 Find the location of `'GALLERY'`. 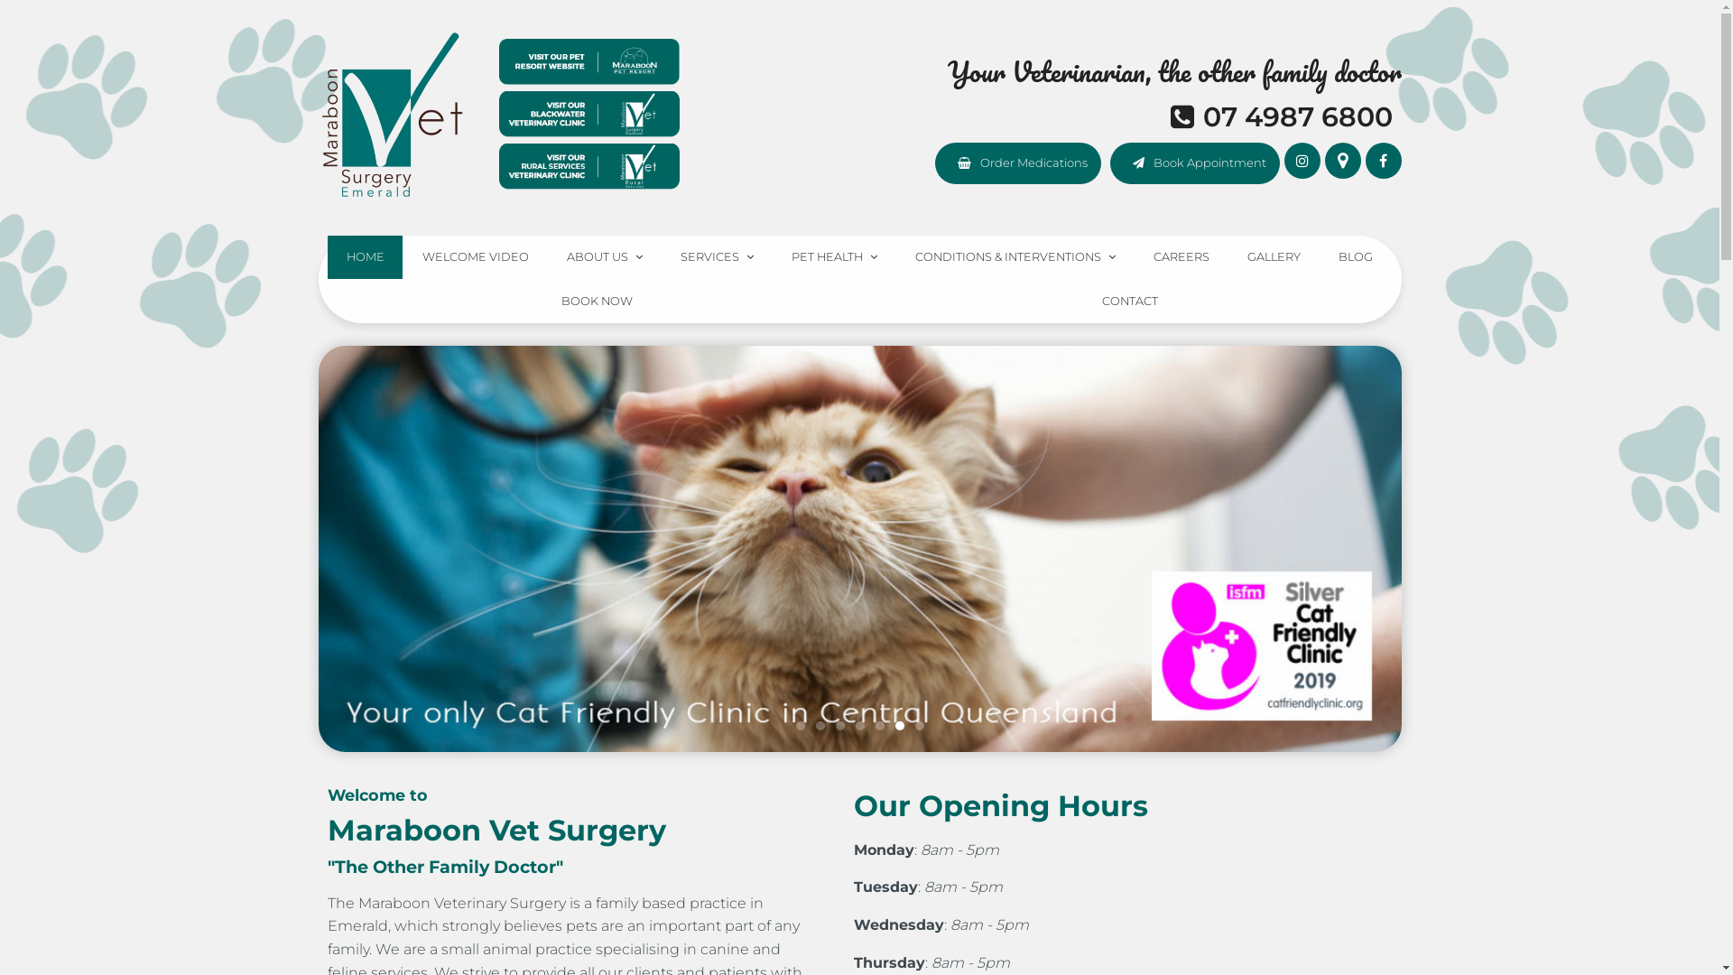

'GALLERY' is located at coordinates (1273, 257).